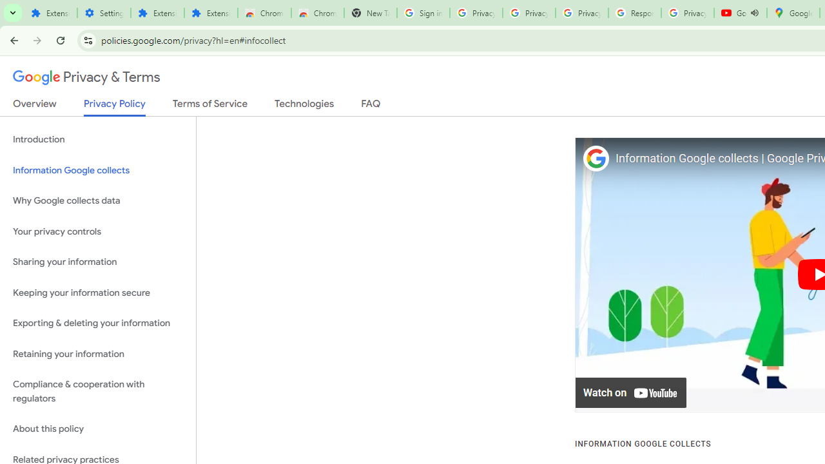  I want to click on 'Settings', so click(104, 13).